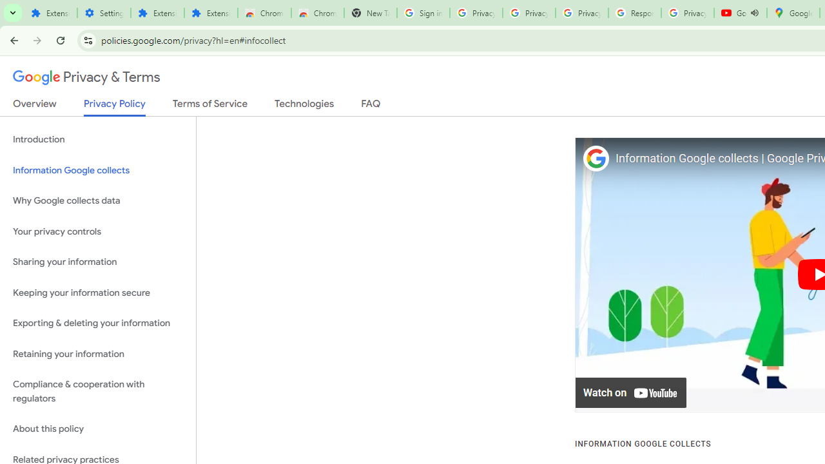  I want to click on 'Settings', so click(104, 13).